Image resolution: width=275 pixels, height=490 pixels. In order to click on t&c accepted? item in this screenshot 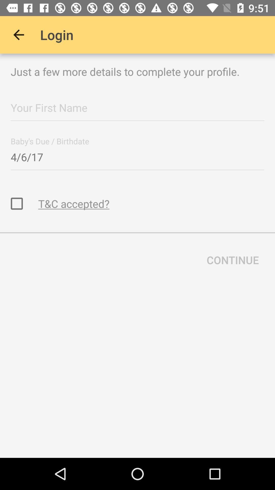, I will do `click(74, 203)`.